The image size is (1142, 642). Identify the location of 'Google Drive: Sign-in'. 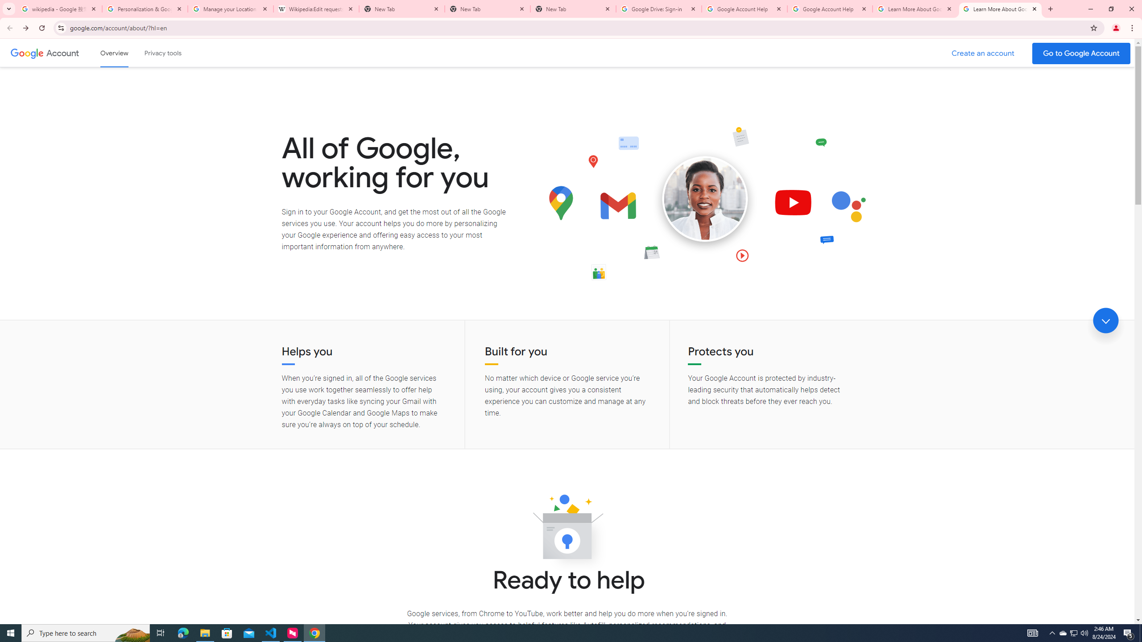
(658, 8).